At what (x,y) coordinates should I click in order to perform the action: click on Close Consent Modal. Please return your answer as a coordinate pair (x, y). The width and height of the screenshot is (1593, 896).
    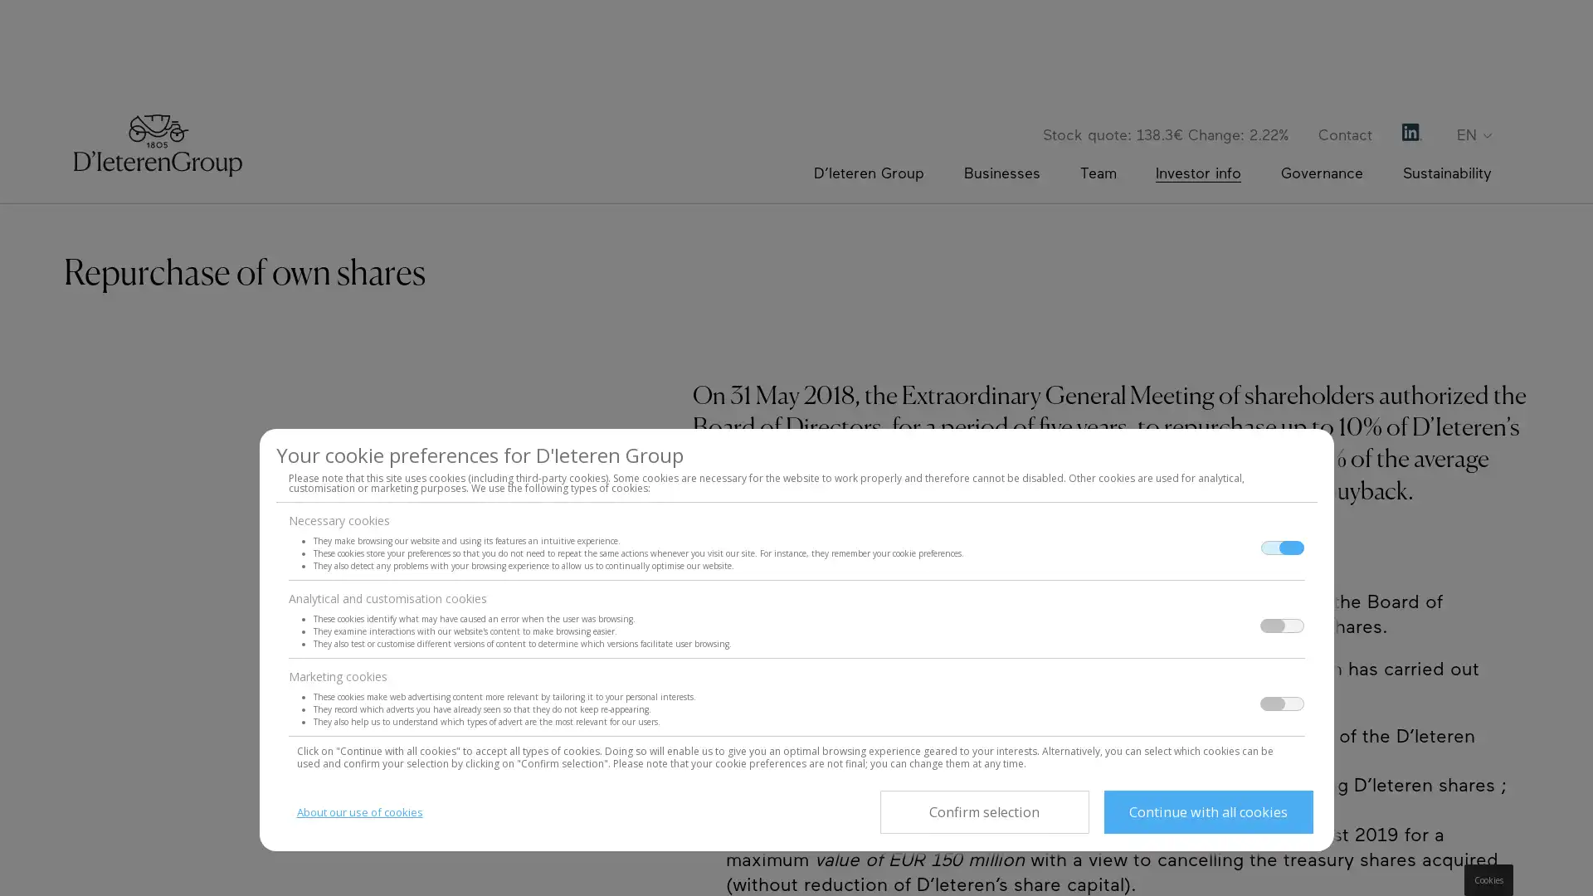
    Looking at the image, I should click on (1207, 811).